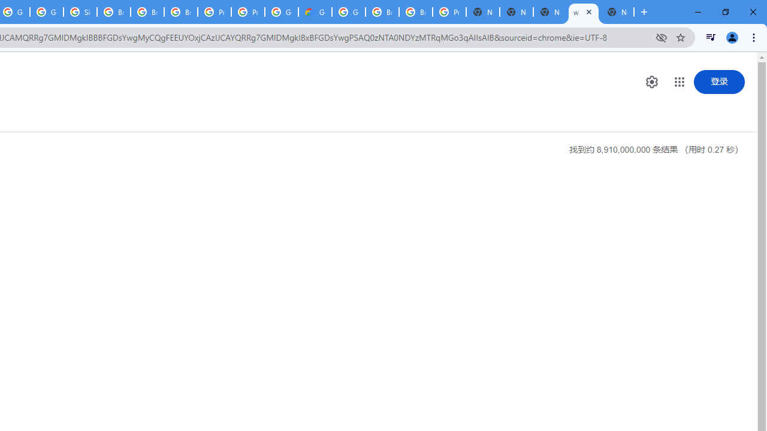 The width and height of the screenshot is (767, 431). I want to click on 'Google Cloud Estimate Summary', so click(315, 12).